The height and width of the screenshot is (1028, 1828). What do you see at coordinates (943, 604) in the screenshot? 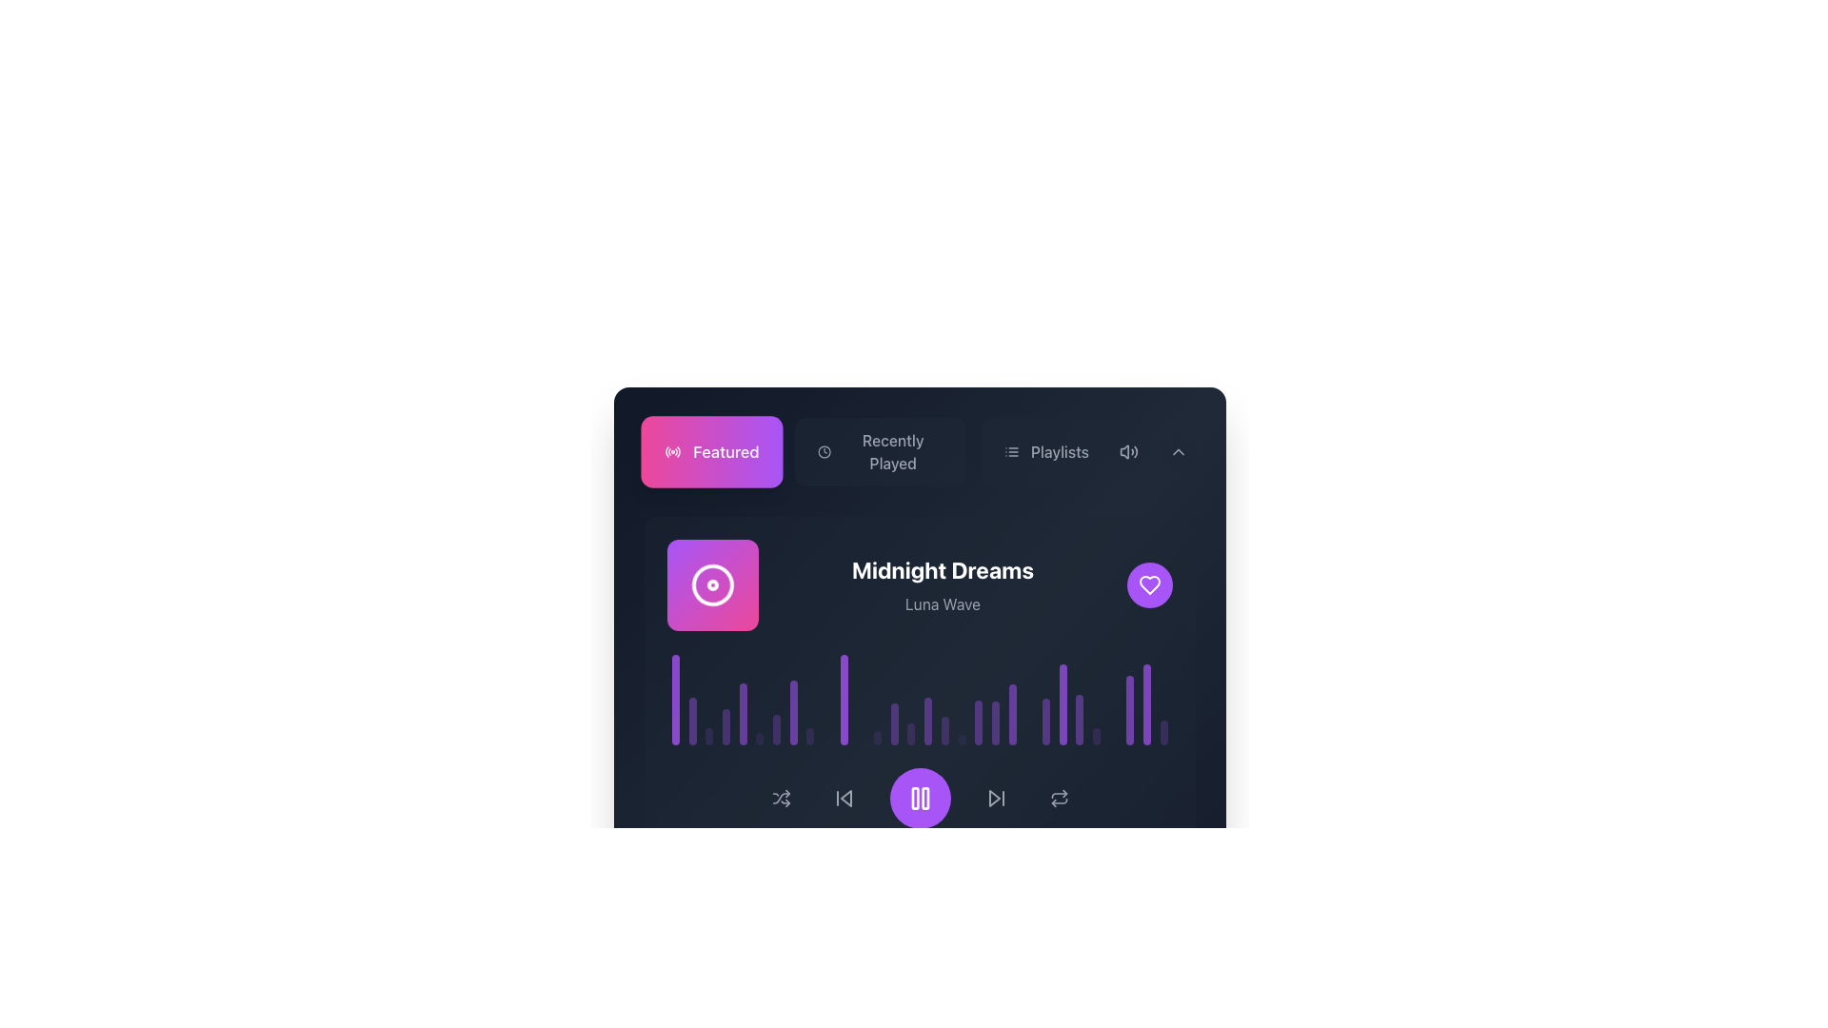
I see `the text element displaying 'Luna Wave', which is styled in light gray and positioned below the bold text 'Midnight Dreams' on a dark background` at bounding box center [943, 604].